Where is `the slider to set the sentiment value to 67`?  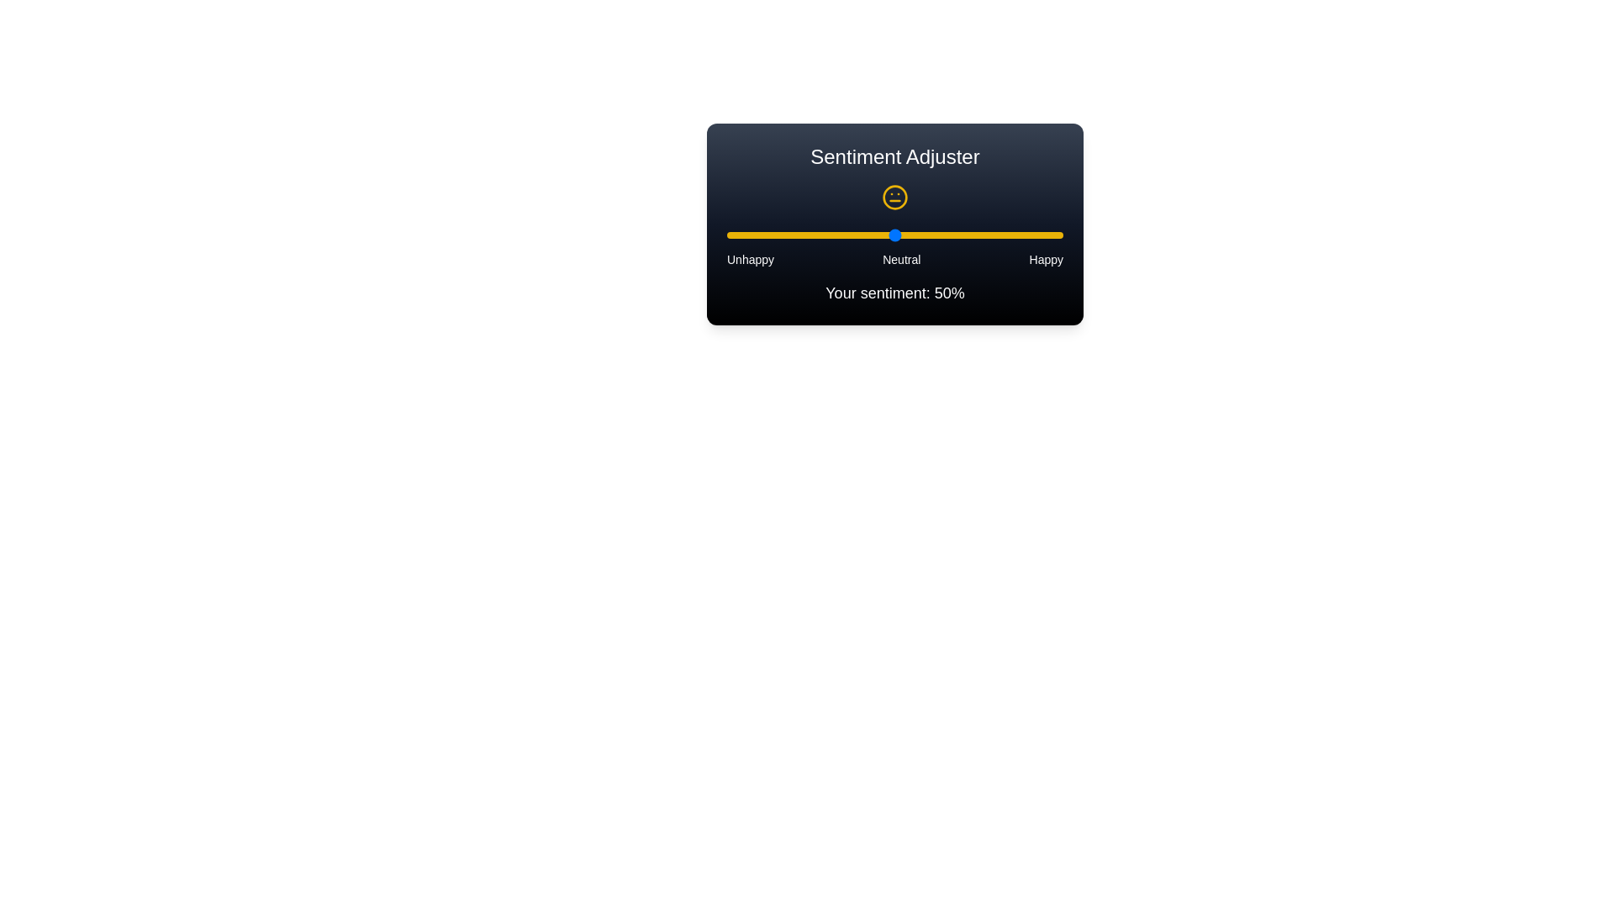
the slider to set the sentiment value to 67 is located at coordinates (952, 235).